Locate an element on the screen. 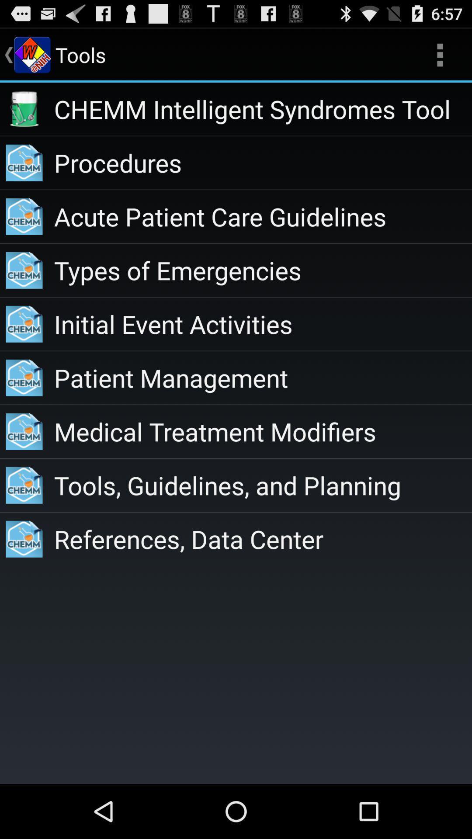 Image resolution: width=472 pixels, height=839 pixels. icon below medical treatment modifiers app is located at coordinates (262, 485).